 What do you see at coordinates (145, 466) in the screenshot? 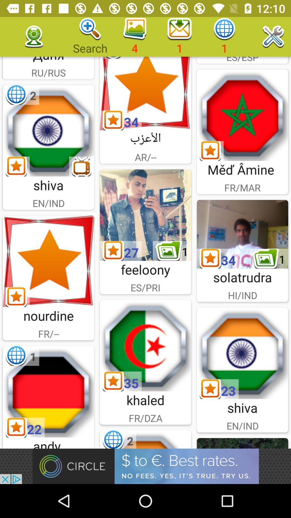
I see `advertisement` at bounding box center [145, 466].